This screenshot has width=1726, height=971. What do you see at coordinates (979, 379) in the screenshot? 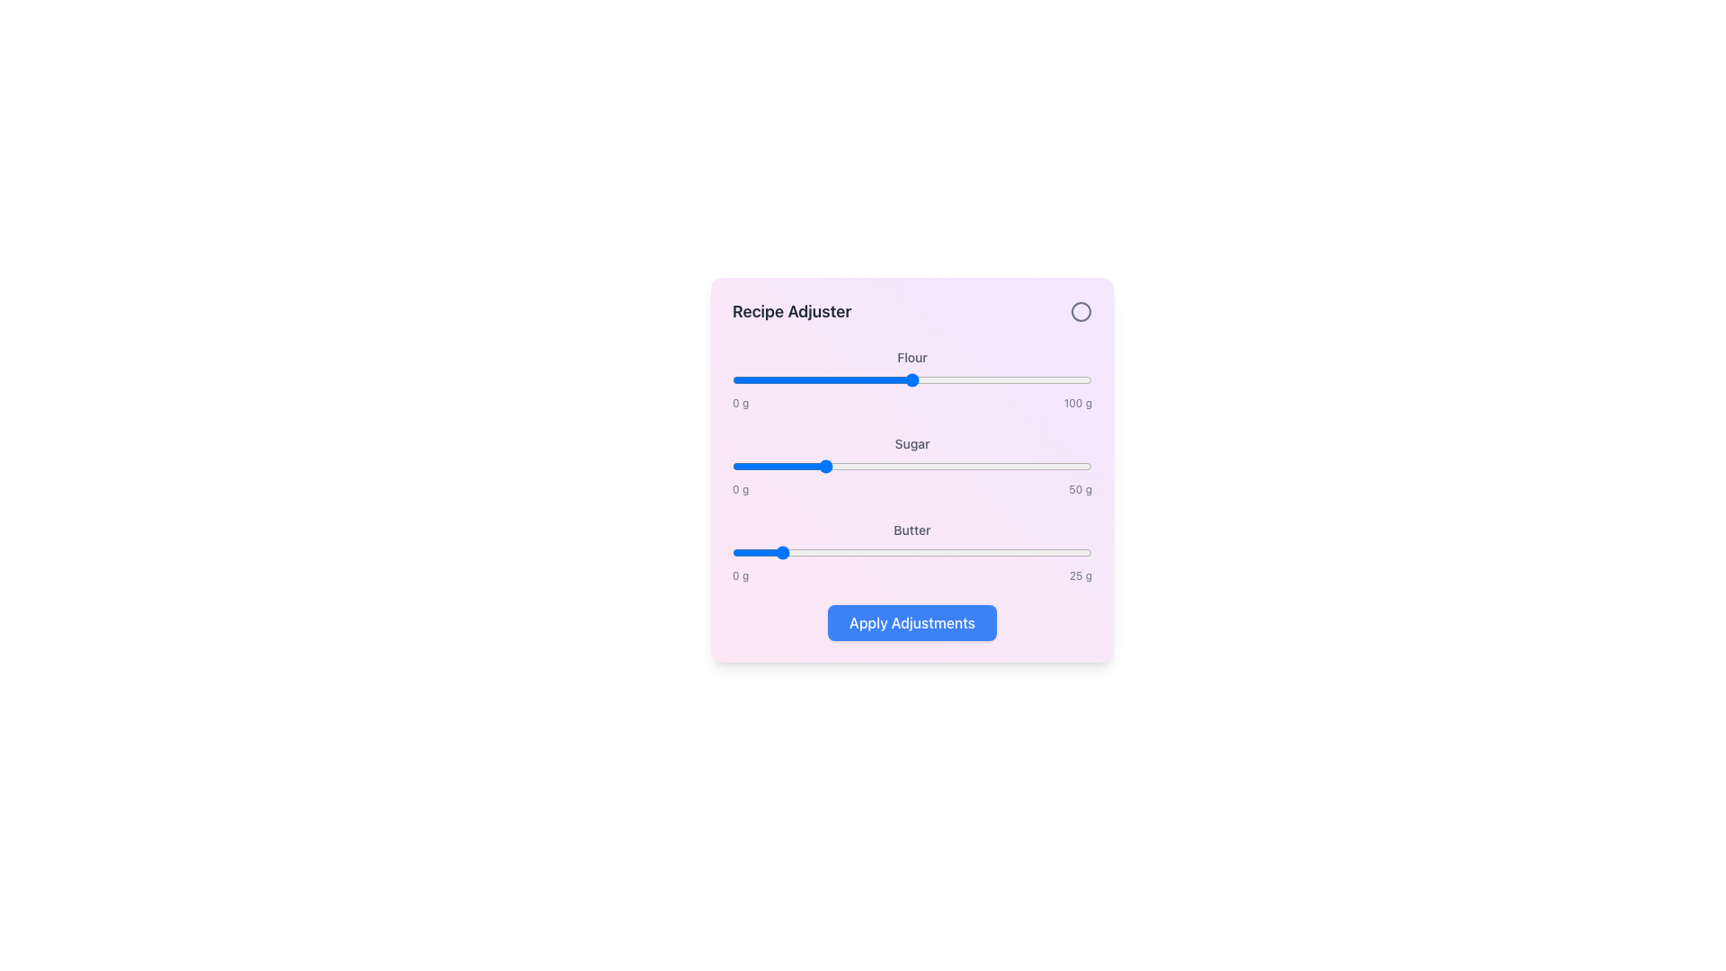
I see `the flour amount` at bounding box center [979, 379].